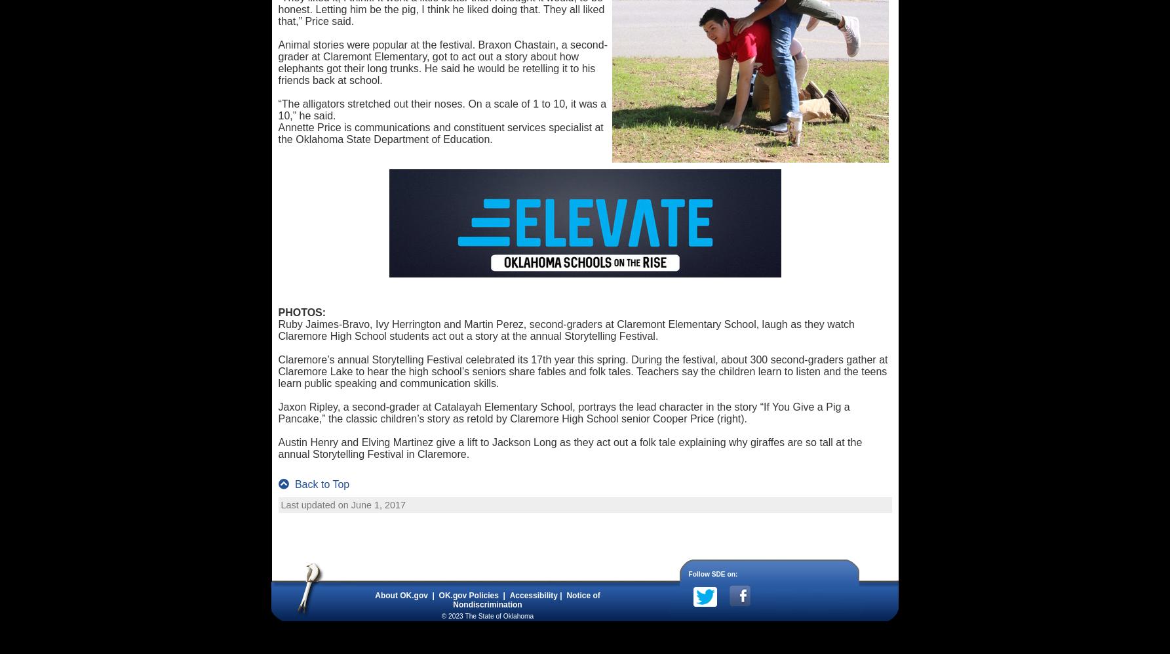 The image size is (1170, 654). Describe the element at coordinates (277, 371) in the screenshot. I see `'Claremore’s annual Storytelling Festival celebrated its 17th year this spring. During the festival, about 300 second-graders gather at Claremore Lake to hear the high school’s seniors share fables and folk tales. Teachers say the children learn to listen and the teens learn public speaking and communication skills.'` at that location.